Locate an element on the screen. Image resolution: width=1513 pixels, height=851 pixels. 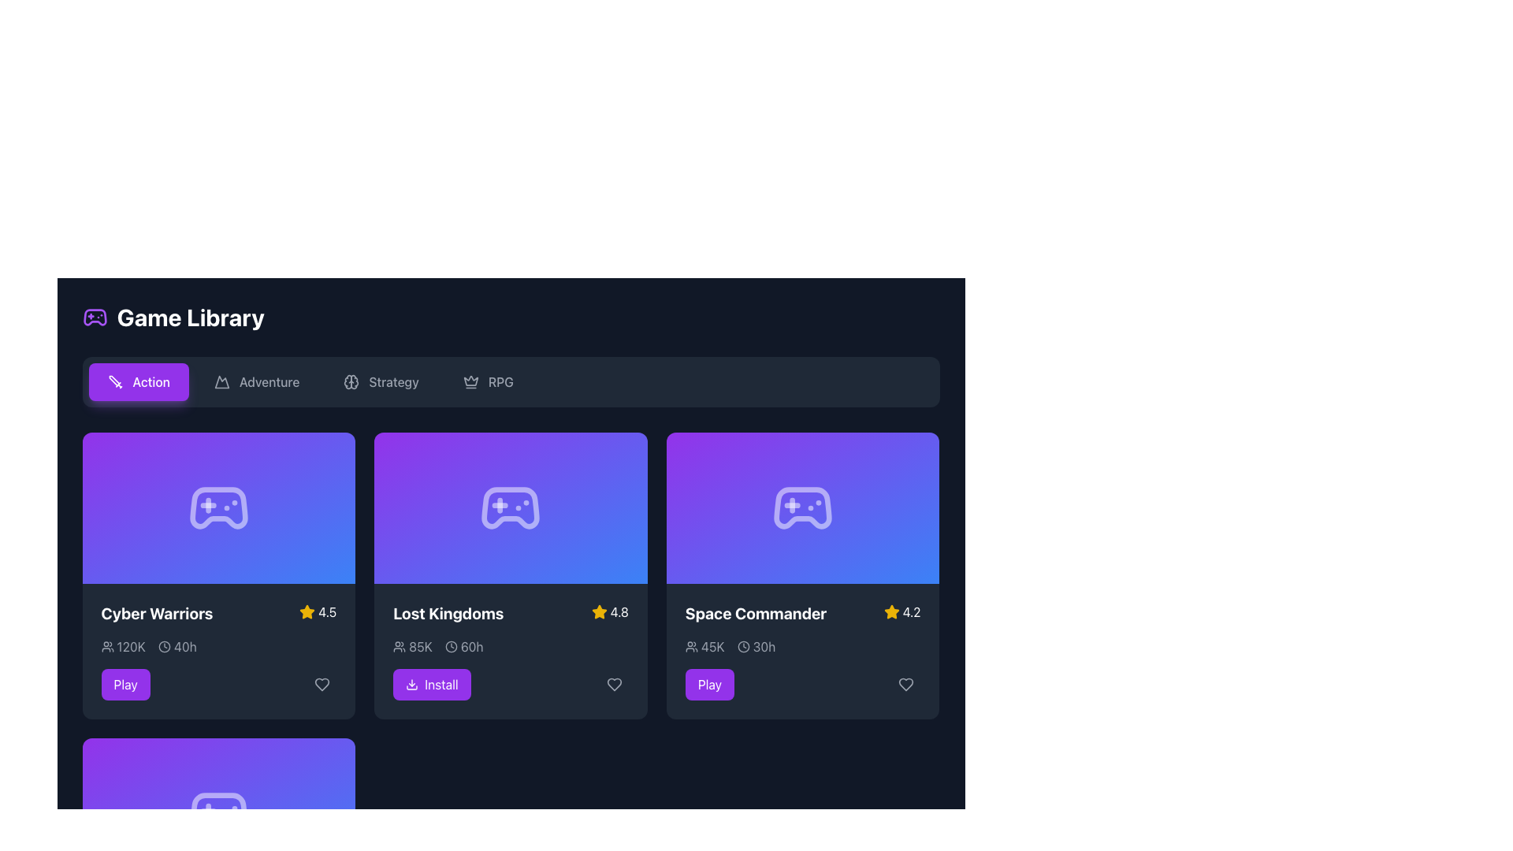
the circular clock icon in the 'Space Commander' game card, which is located just to the left of the text '30h' is located at coordinates (742, 647).